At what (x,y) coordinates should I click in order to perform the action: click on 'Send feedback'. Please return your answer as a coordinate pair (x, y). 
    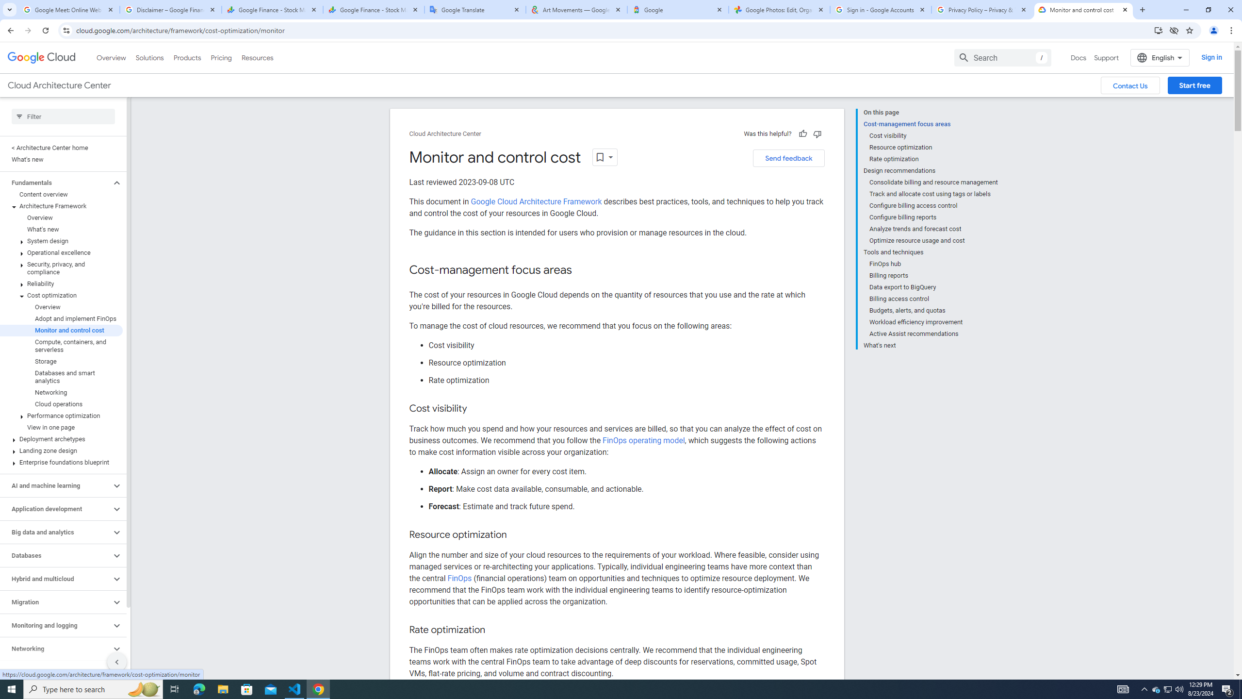
    Looking at the image, I should click on (788, 158).